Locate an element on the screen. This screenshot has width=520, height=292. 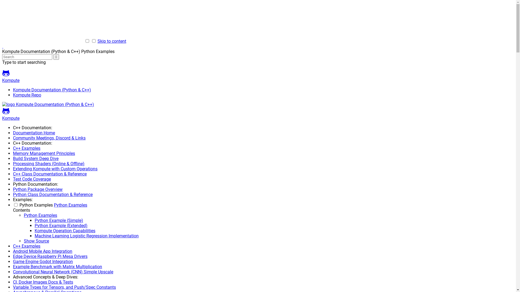
'Kompute Documentation (Python & C++)' is located at coordinates (2, 46).